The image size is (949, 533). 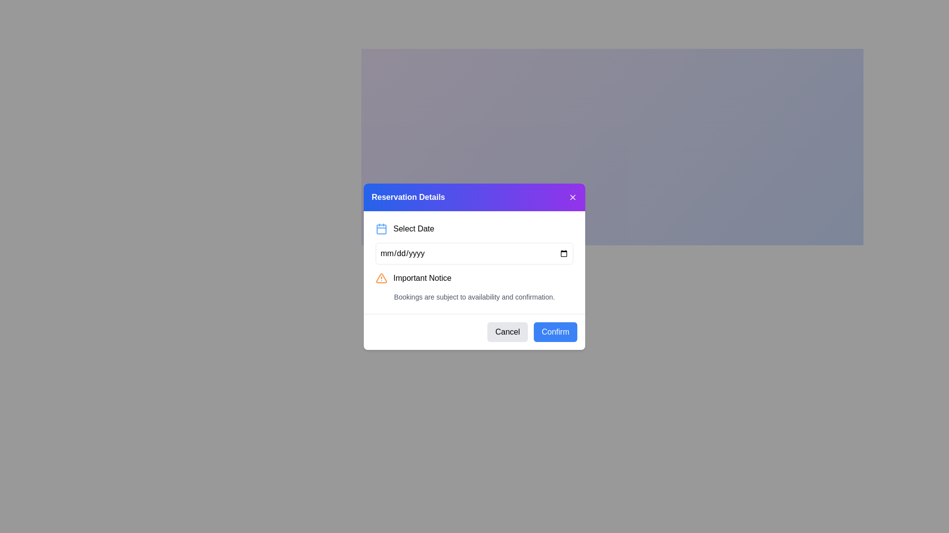 I want to click on the close icon element of the 'Reservation Details' dialog box for keyboard interaction, so click(x=572, y=197).